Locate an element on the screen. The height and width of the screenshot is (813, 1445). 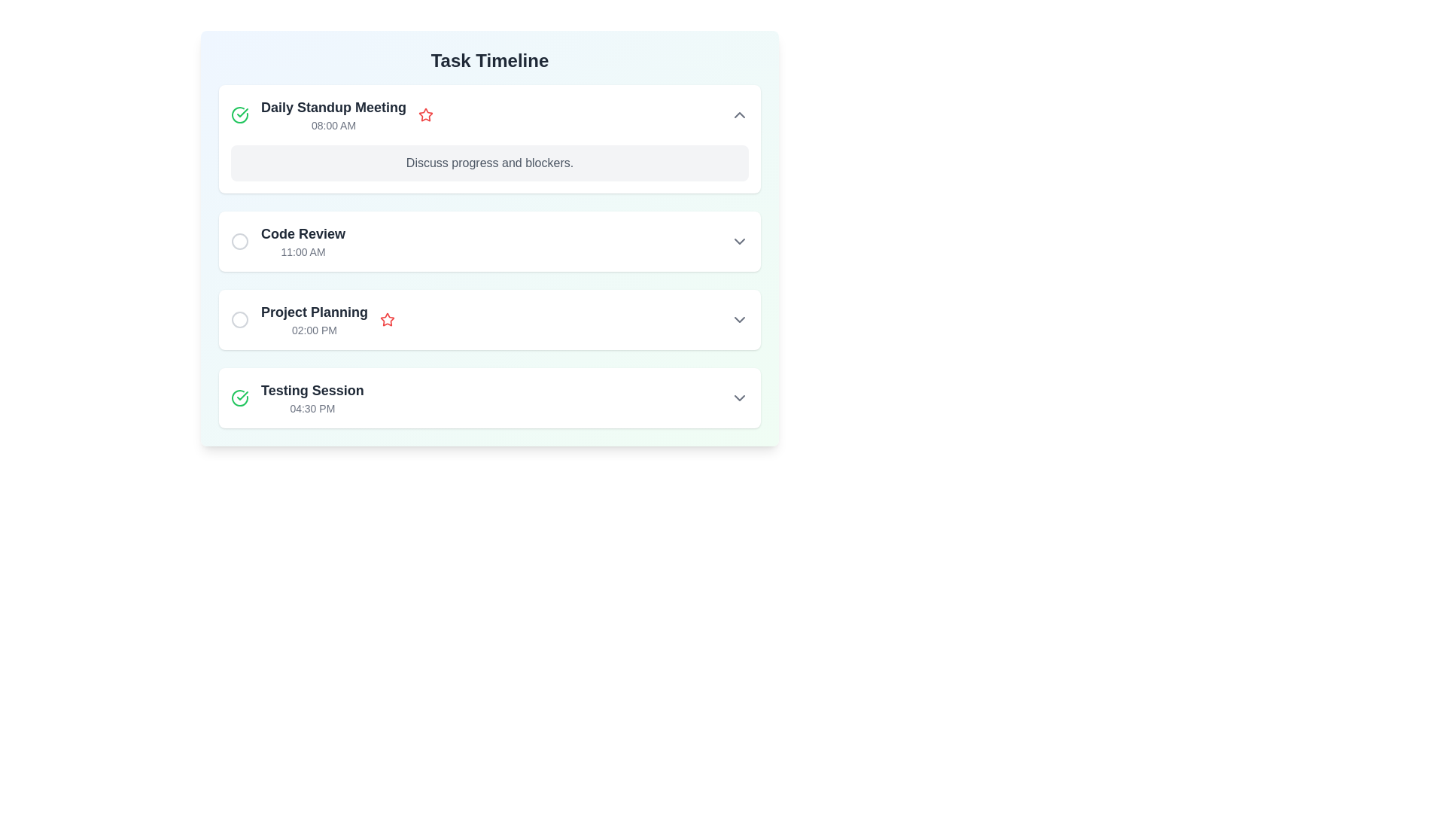
the circular Indicator icon with a gray border that indicates the status of the task in the 'Code Review' row is located at coordinates (239, 240).